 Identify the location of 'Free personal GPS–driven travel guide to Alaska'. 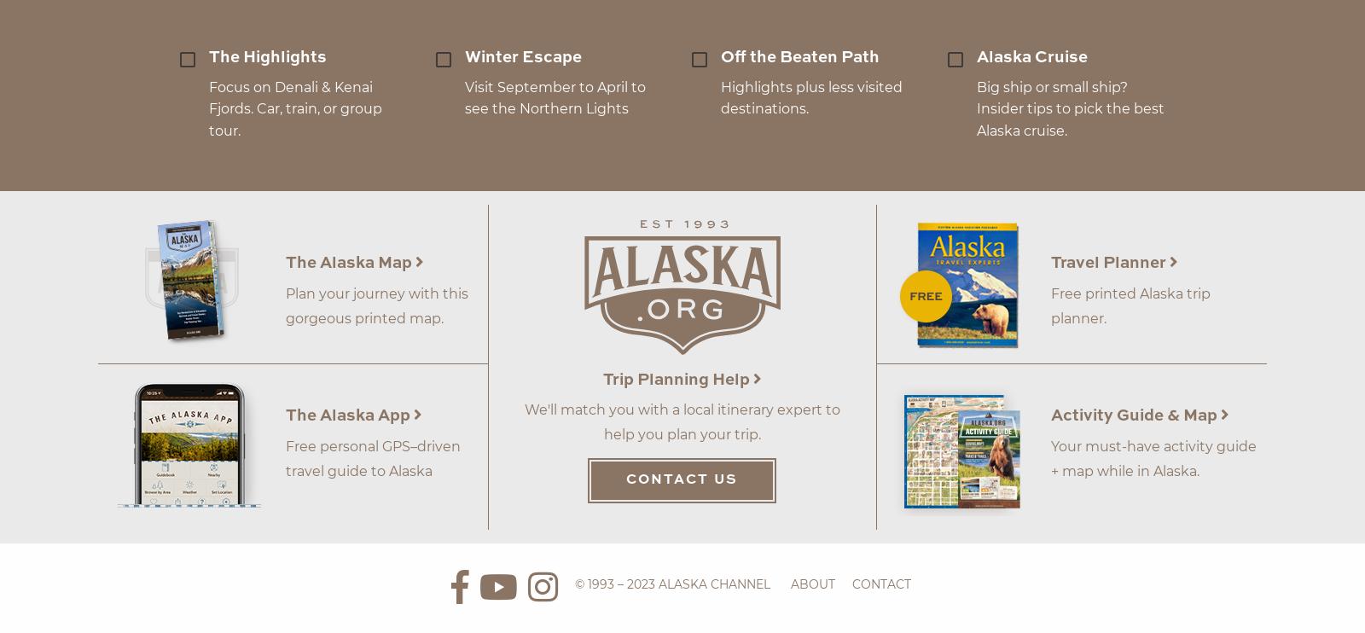
(286, 457).